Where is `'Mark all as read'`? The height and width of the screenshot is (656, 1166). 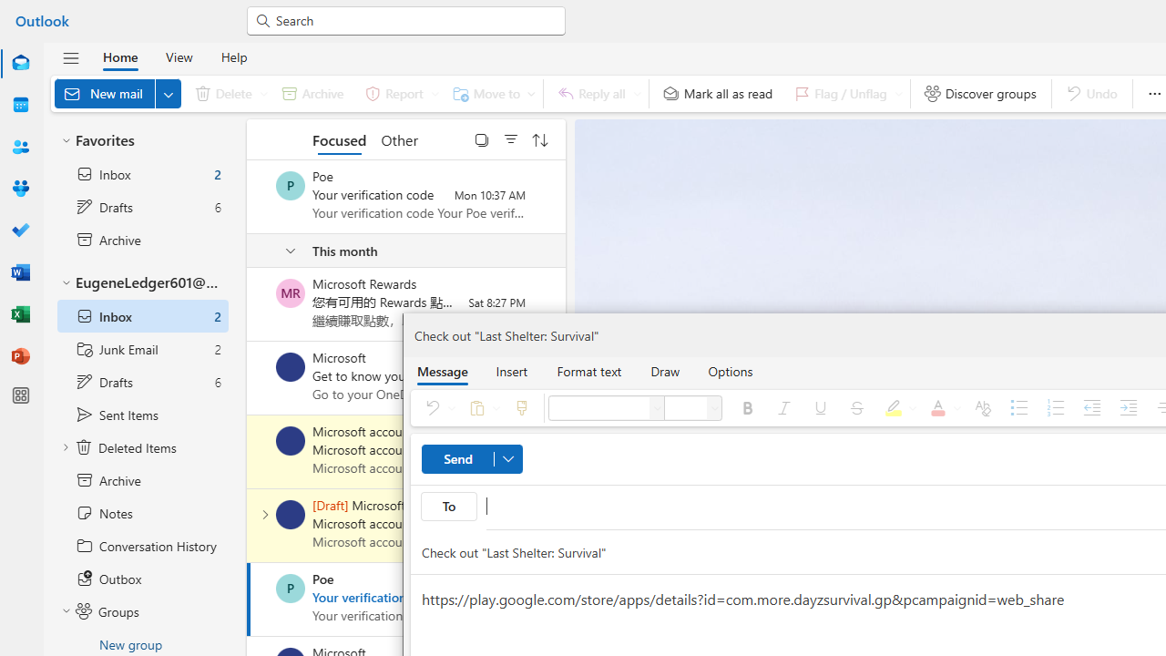 'Mark all as read' is located at coordinates (717, 93).